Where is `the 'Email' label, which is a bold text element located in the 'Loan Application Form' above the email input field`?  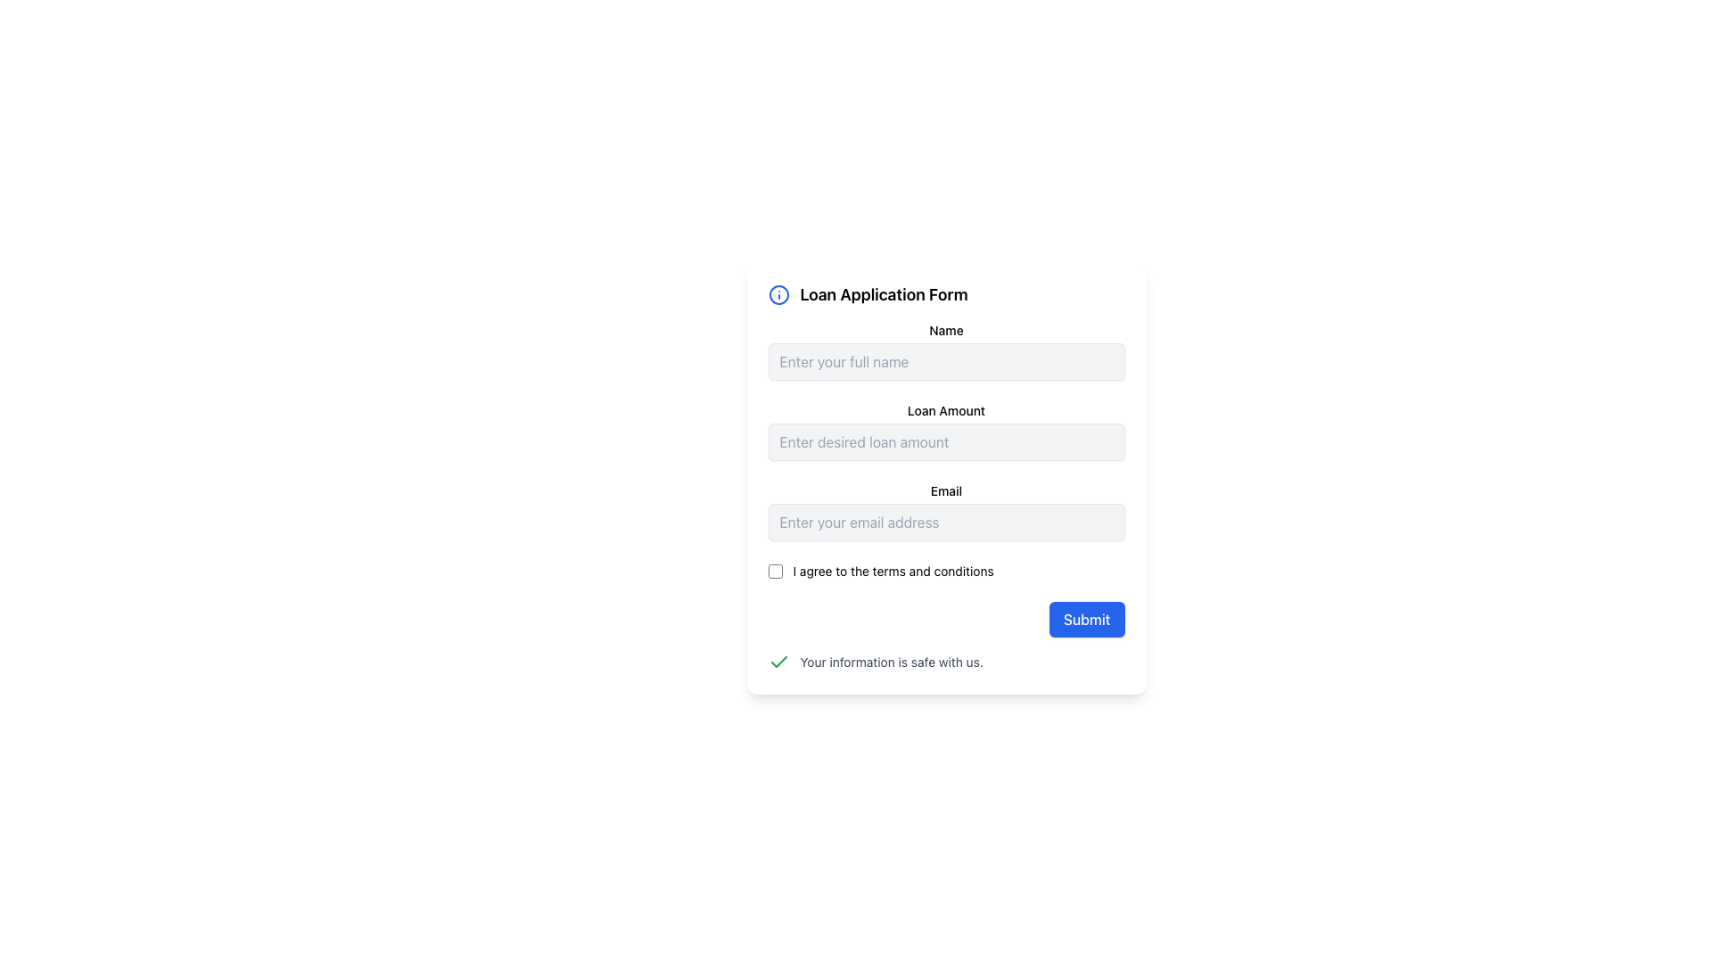
the 'Email' label, which is a bold text element located in the 'Loan Application Form' above the email input field is located at coordinates (945, 491).